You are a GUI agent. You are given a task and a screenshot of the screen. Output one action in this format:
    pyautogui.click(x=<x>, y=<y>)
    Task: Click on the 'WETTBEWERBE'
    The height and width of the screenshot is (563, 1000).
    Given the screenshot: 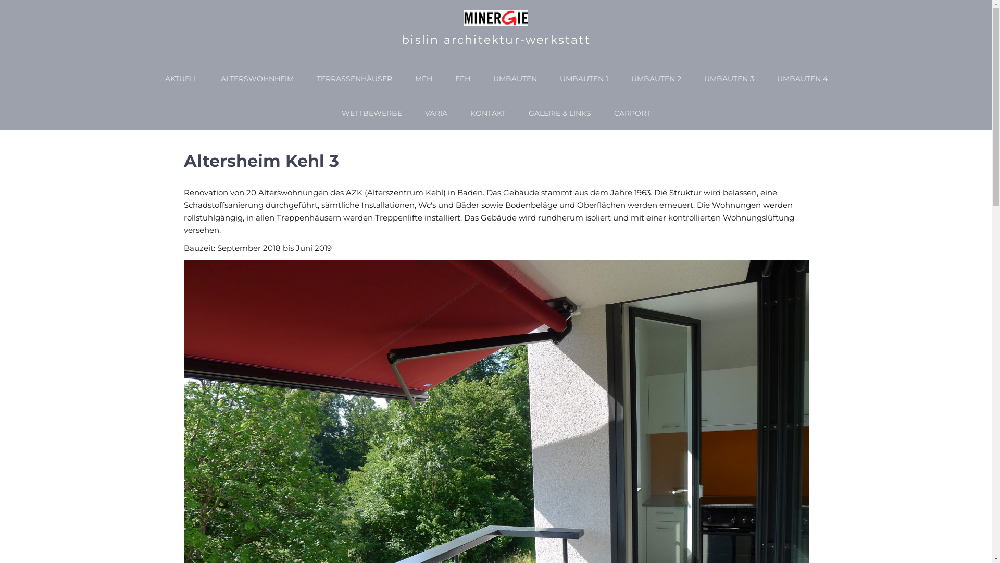 What is the action you would take?
    pyautogui.click(x=372, y=113)
    